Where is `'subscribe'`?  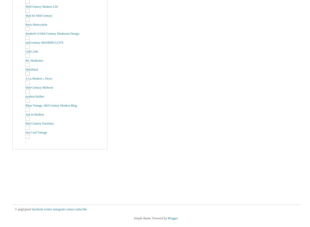 'subscribe' is located at coordinates (81, 209).